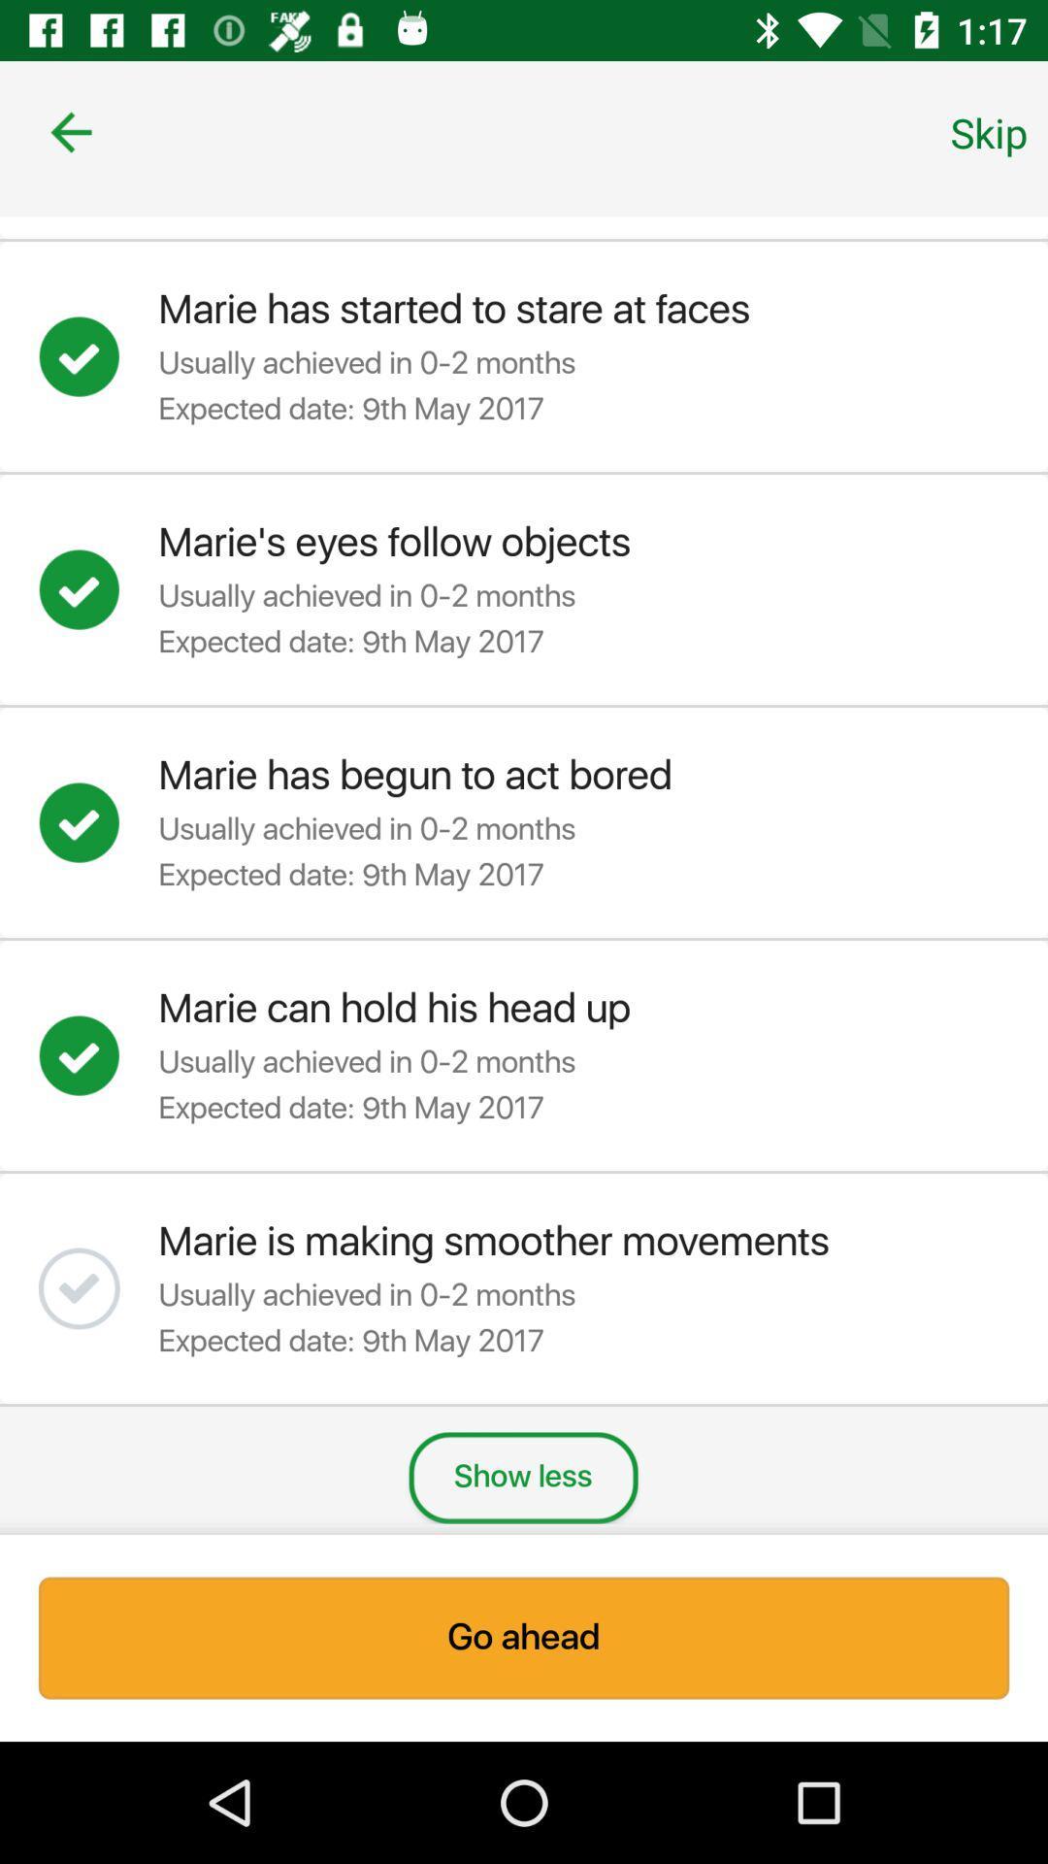 The height and width of the screenshot is (1864, 1048). Describe the element at coordinates (98, 1288) in the screenshot. I see `check movement option` at that location.